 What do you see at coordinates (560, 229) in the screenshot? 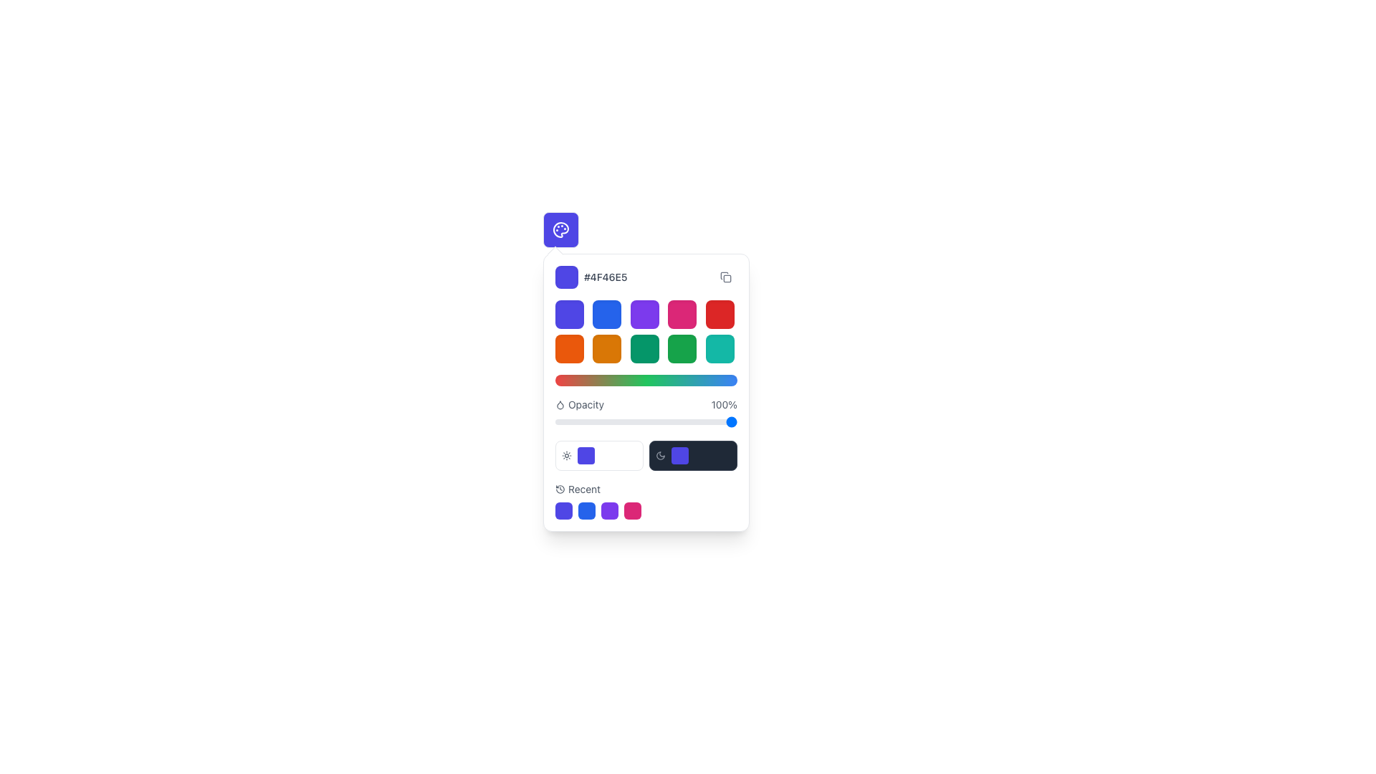
I see `the vibrant purple-blue palette icon, which is surrounded by an outlined circle and located at the top-left of the color selection interface, just above the color picker area` at bounding box center [560, 229].